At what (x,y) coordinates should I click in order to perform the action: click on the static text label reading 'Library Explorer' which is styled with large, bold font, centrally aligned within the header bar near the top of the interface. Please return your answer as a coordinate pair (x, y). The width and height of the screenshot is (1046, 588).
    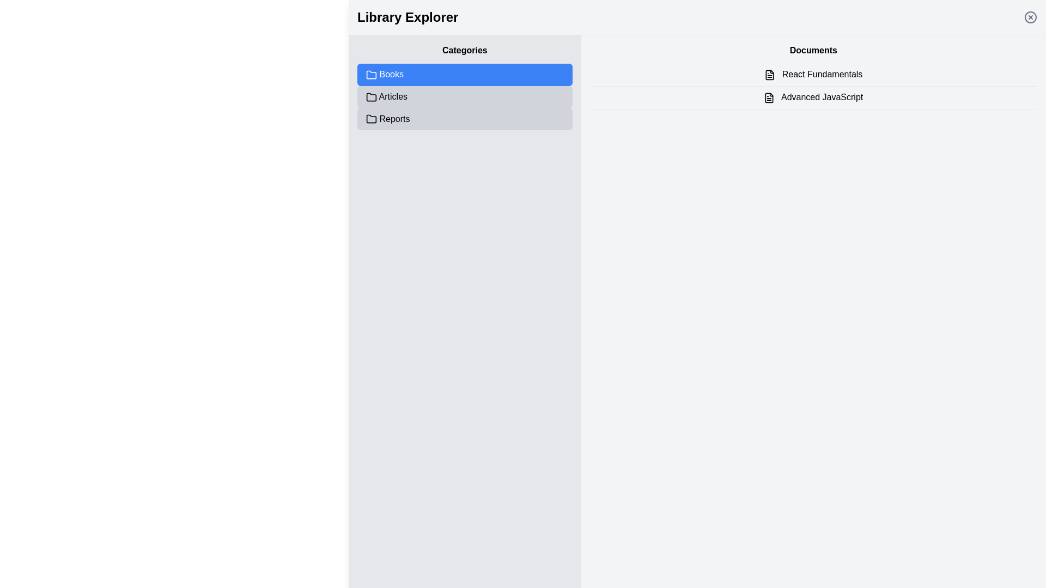
    Looking at the image, I should click on (407, 17).